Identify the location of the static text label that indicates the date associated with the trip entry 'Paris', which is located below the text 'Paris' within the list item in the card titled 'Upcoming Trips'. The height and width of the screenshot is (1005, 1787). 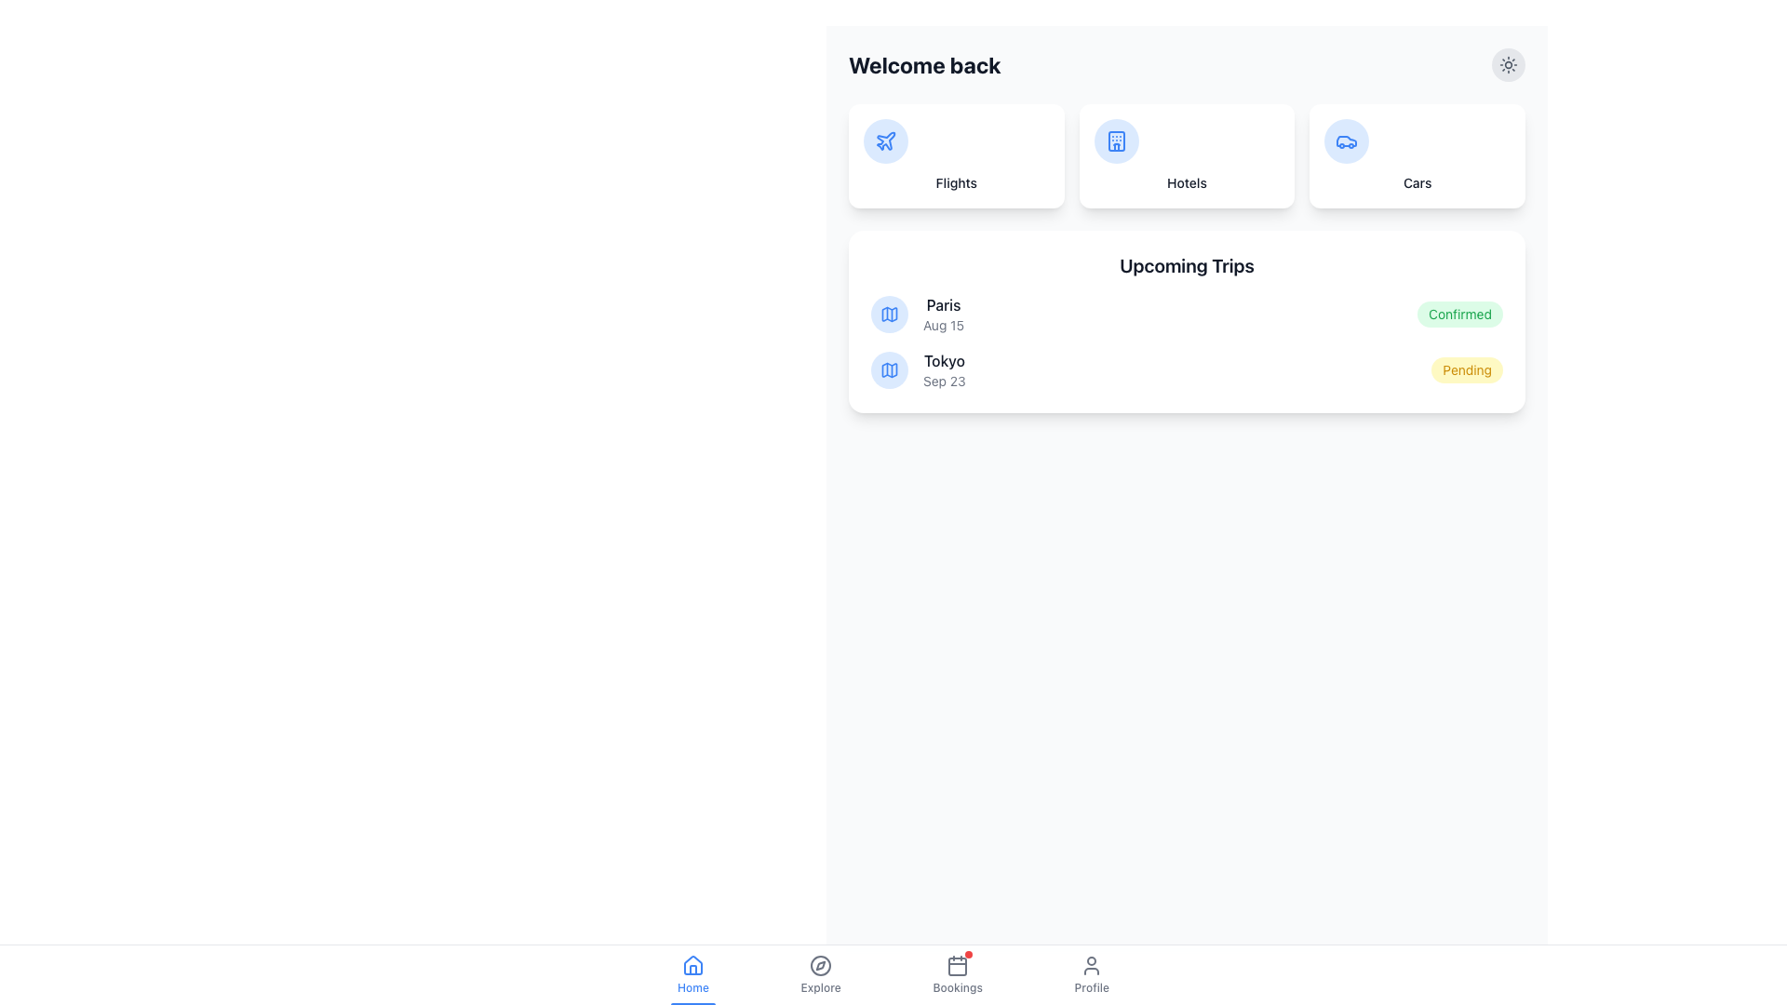
(943, 325).